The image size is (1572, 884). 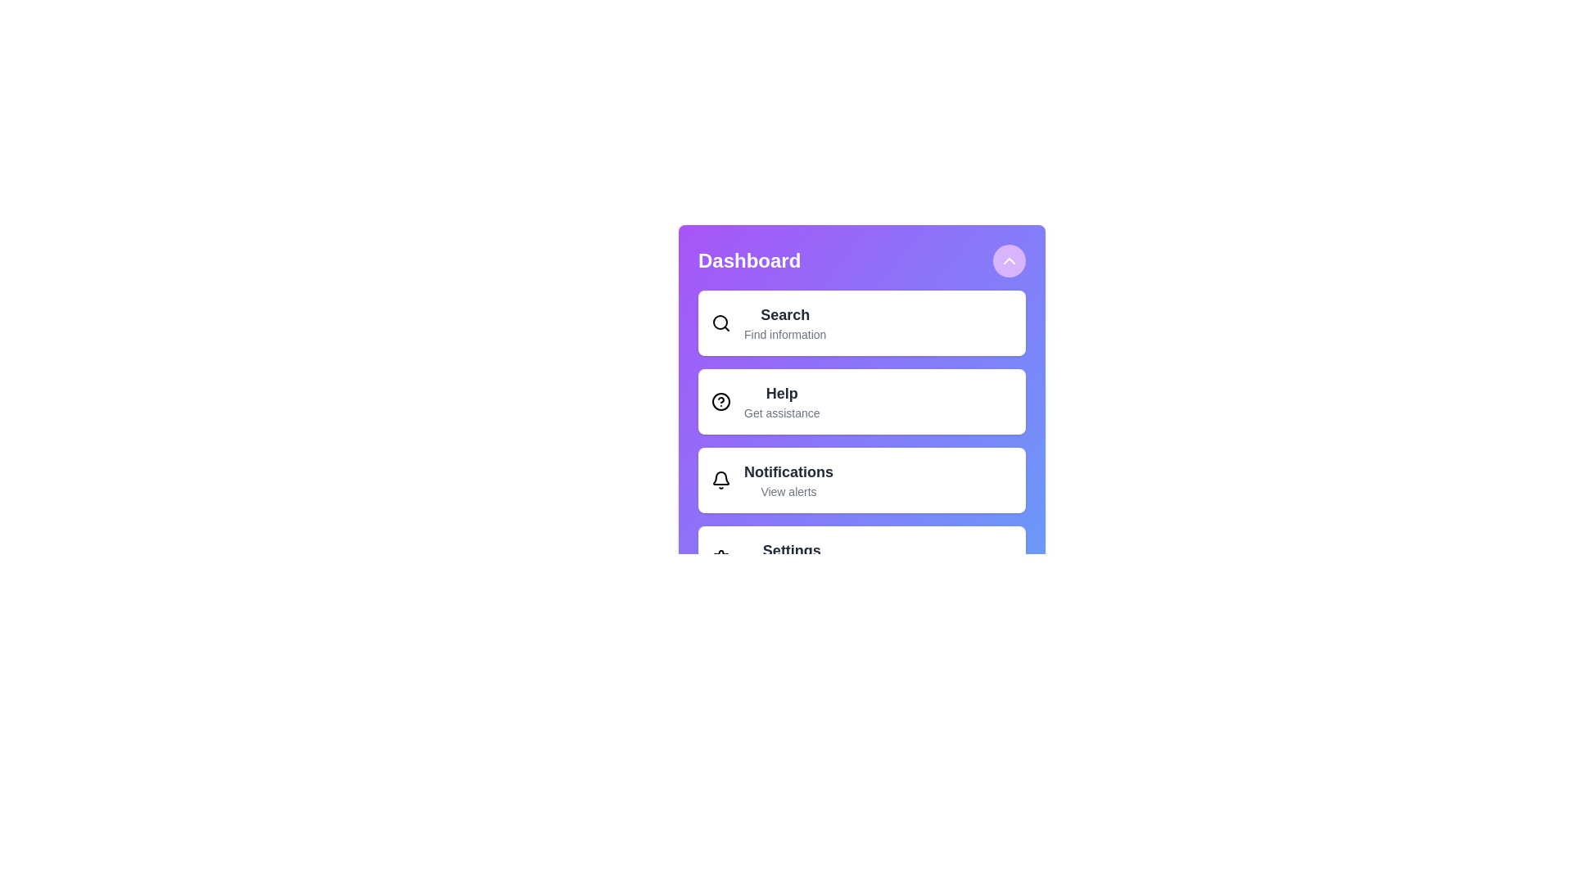 What do you see at coordinates (861, 557) in the screenshot?
I see `the menu item labeled Settings` at bounding box center [861, 557].